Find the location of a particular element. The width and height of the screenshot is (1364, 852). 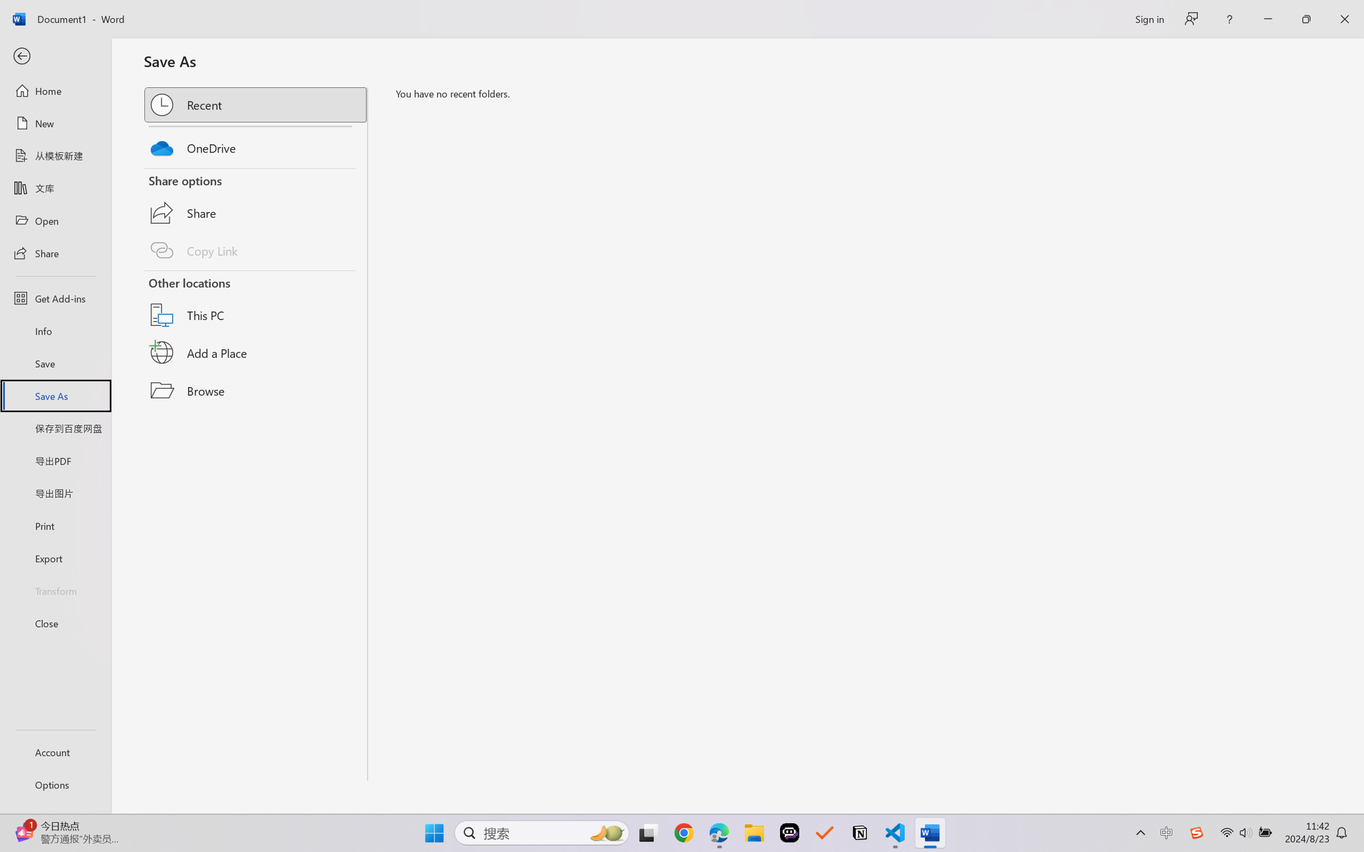

'New' is located at coordinates (55, 122).